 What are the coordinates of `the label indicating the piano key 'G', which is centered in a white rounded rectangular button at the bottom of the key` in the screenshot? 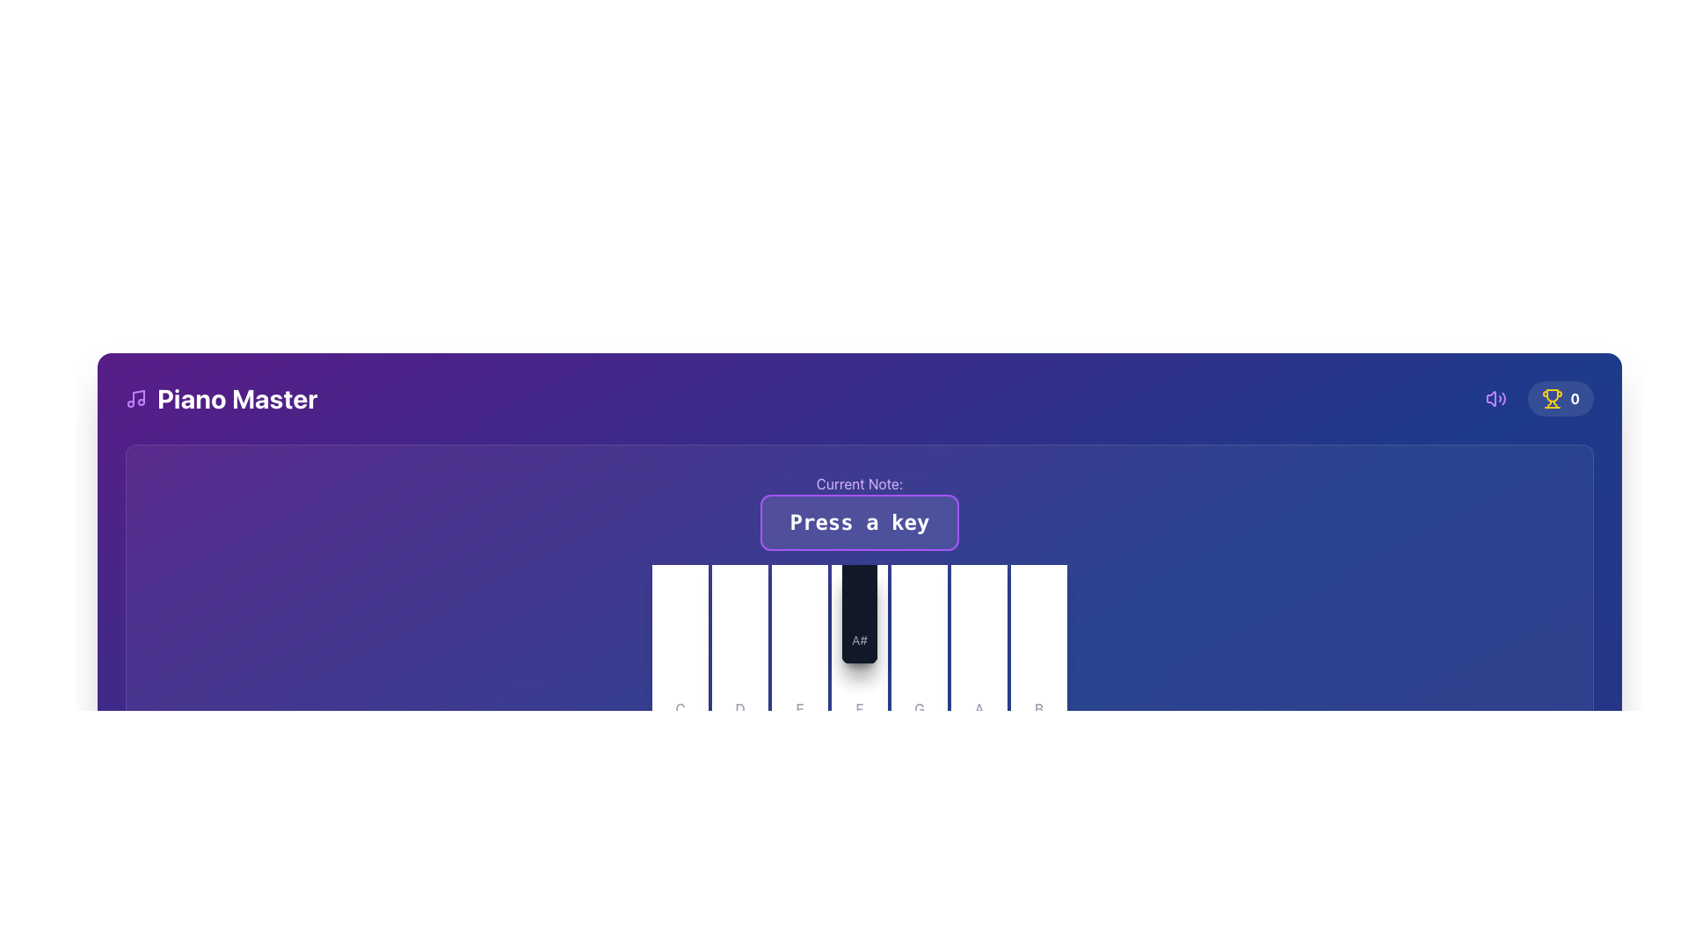 It's located at (919, 707).